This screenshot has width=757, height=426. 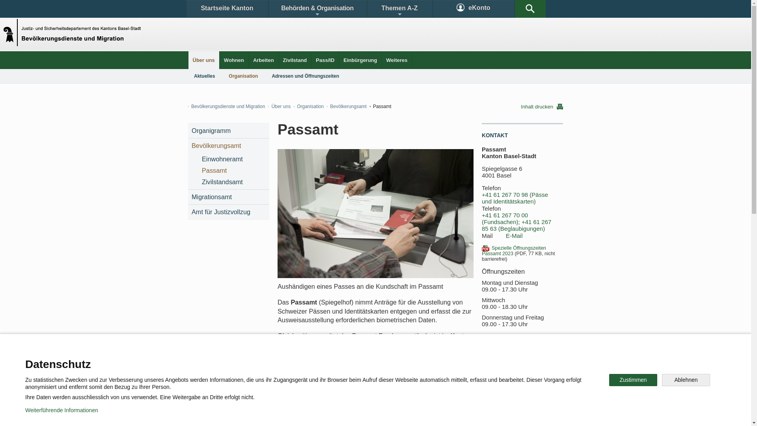 I want to click on 'Themen A-Z', so click(x=399, y=9).